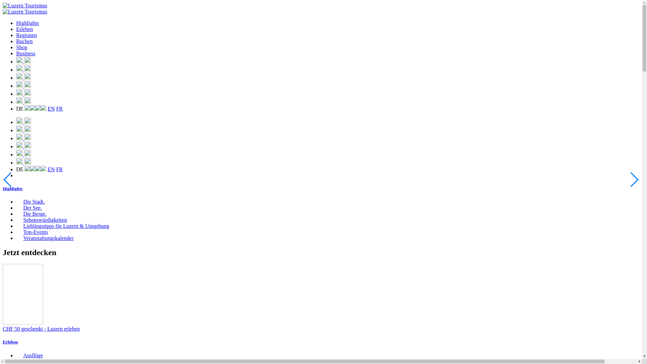 Image resolution: width=647 pixels, height=364 pixels. What do you see at coordinates (26, 35) in the screenshot?
I see `'Regionen'` at bounding box center [26, 35].